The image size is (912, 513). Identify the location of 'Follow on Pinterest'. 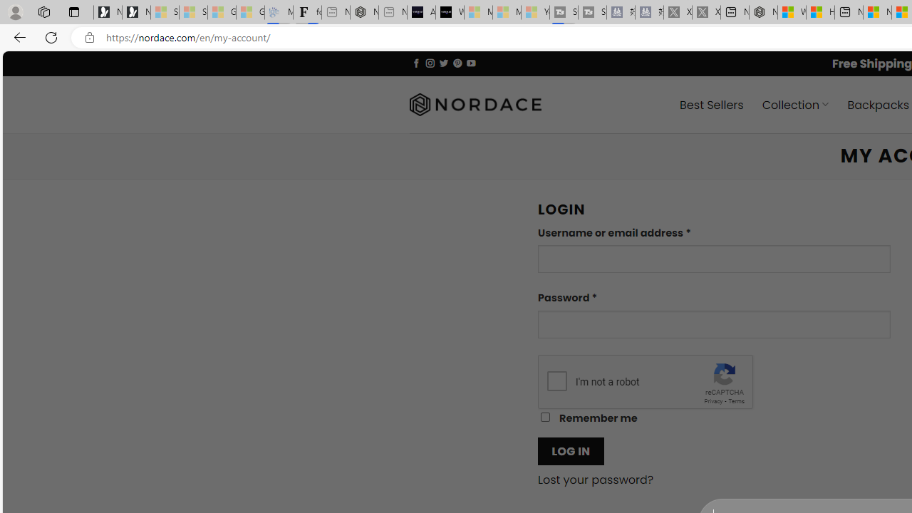
(457, 62).